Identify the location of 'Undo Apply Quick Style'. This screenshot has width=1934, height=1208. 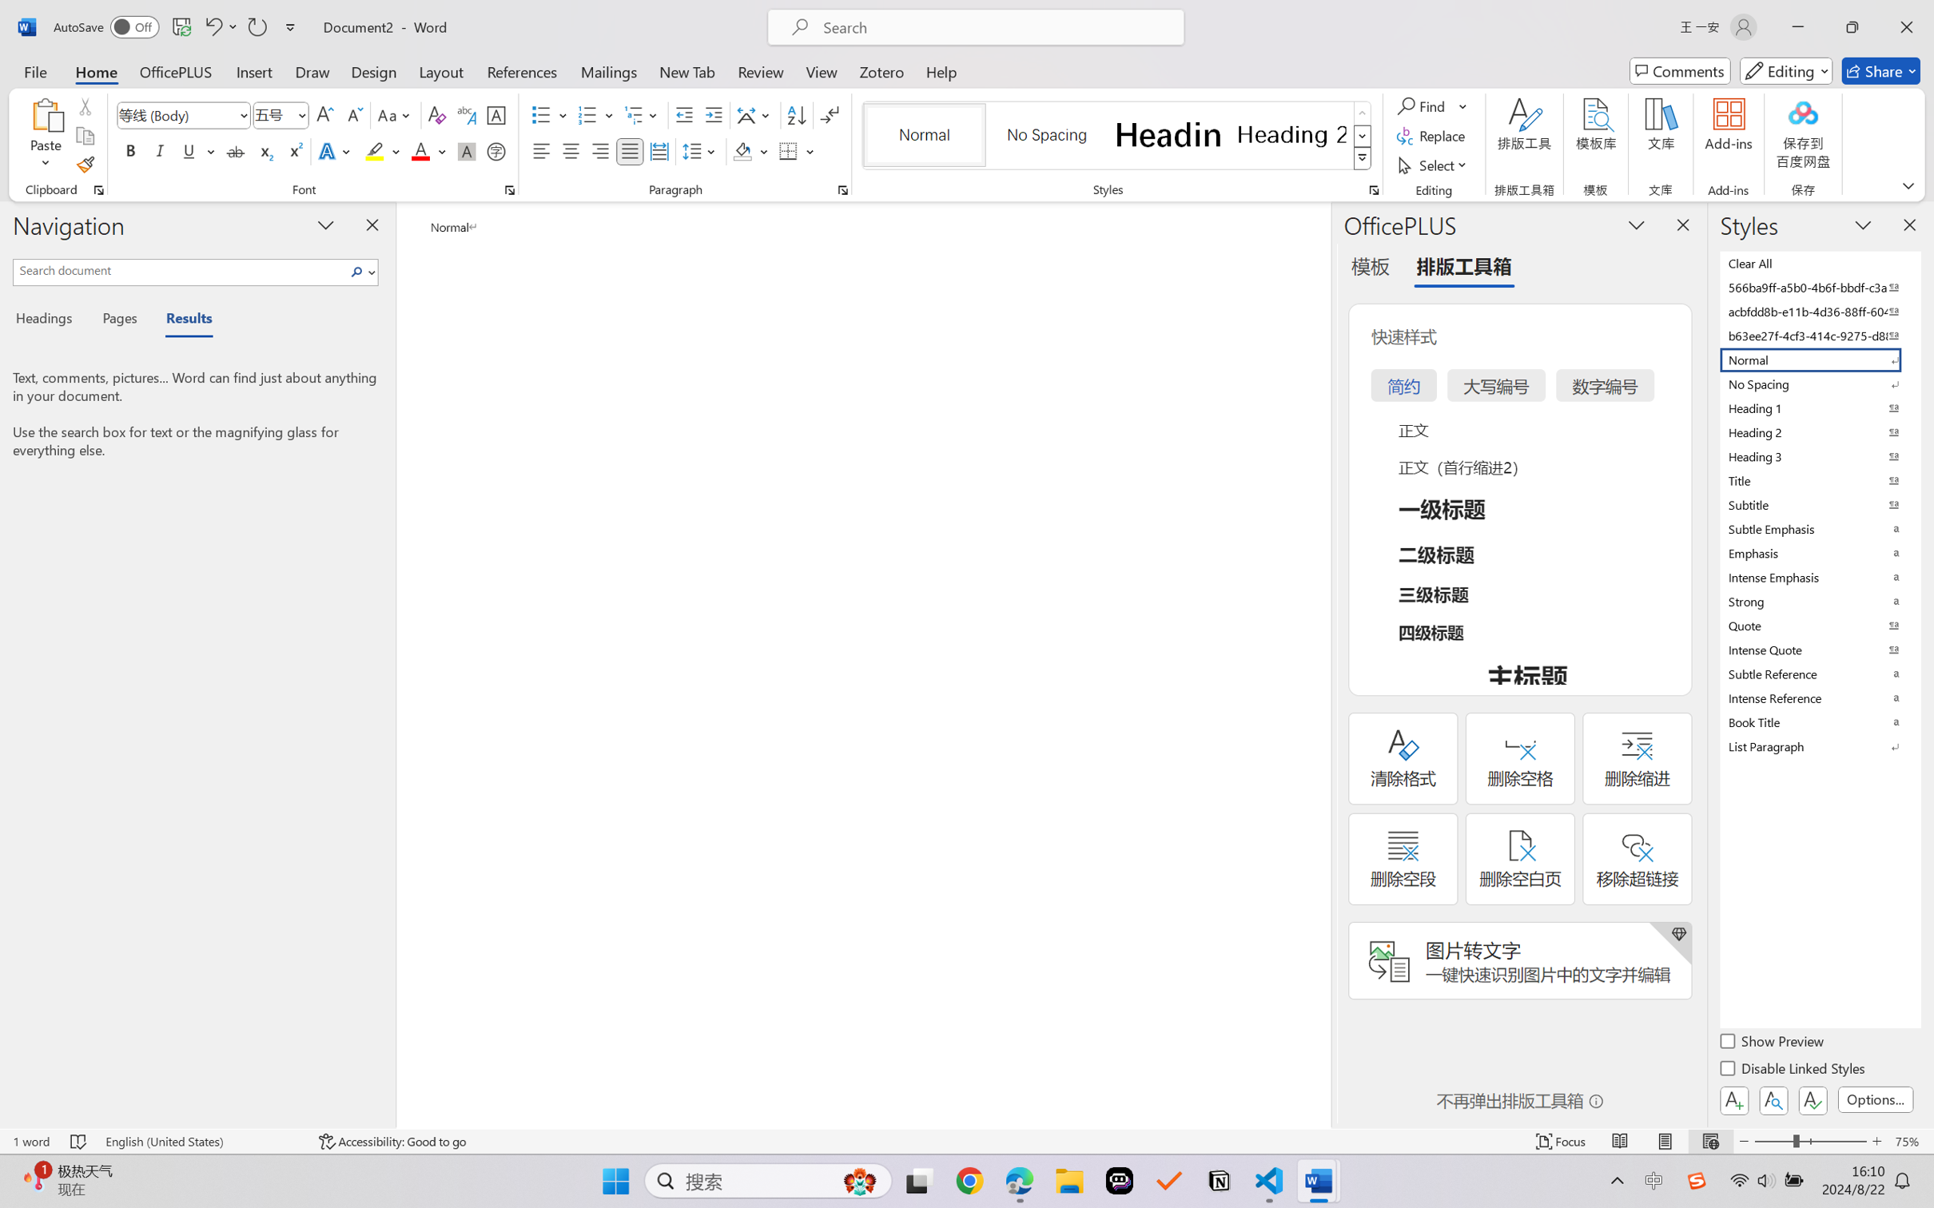
(219, 26).